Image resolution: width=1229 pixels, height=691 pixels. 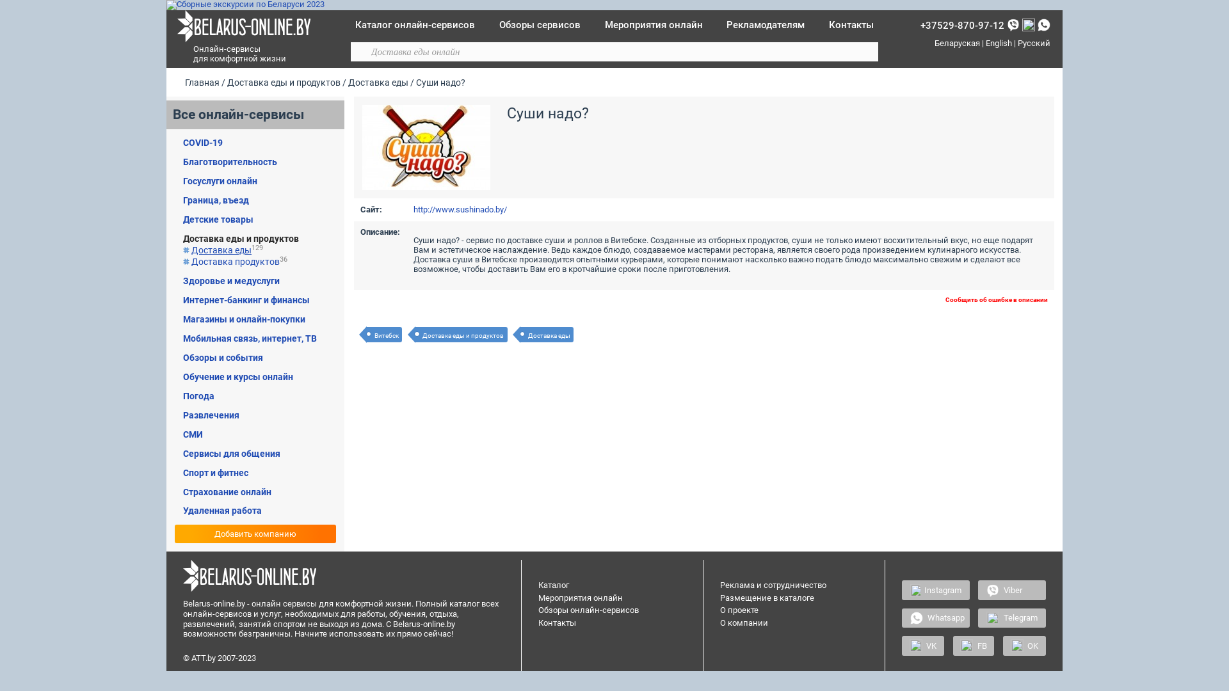 What do you see at coordinates (962, 25) in the screenshot?
I see `'+37529-870-97-12'` at bounding box center [962, 25].